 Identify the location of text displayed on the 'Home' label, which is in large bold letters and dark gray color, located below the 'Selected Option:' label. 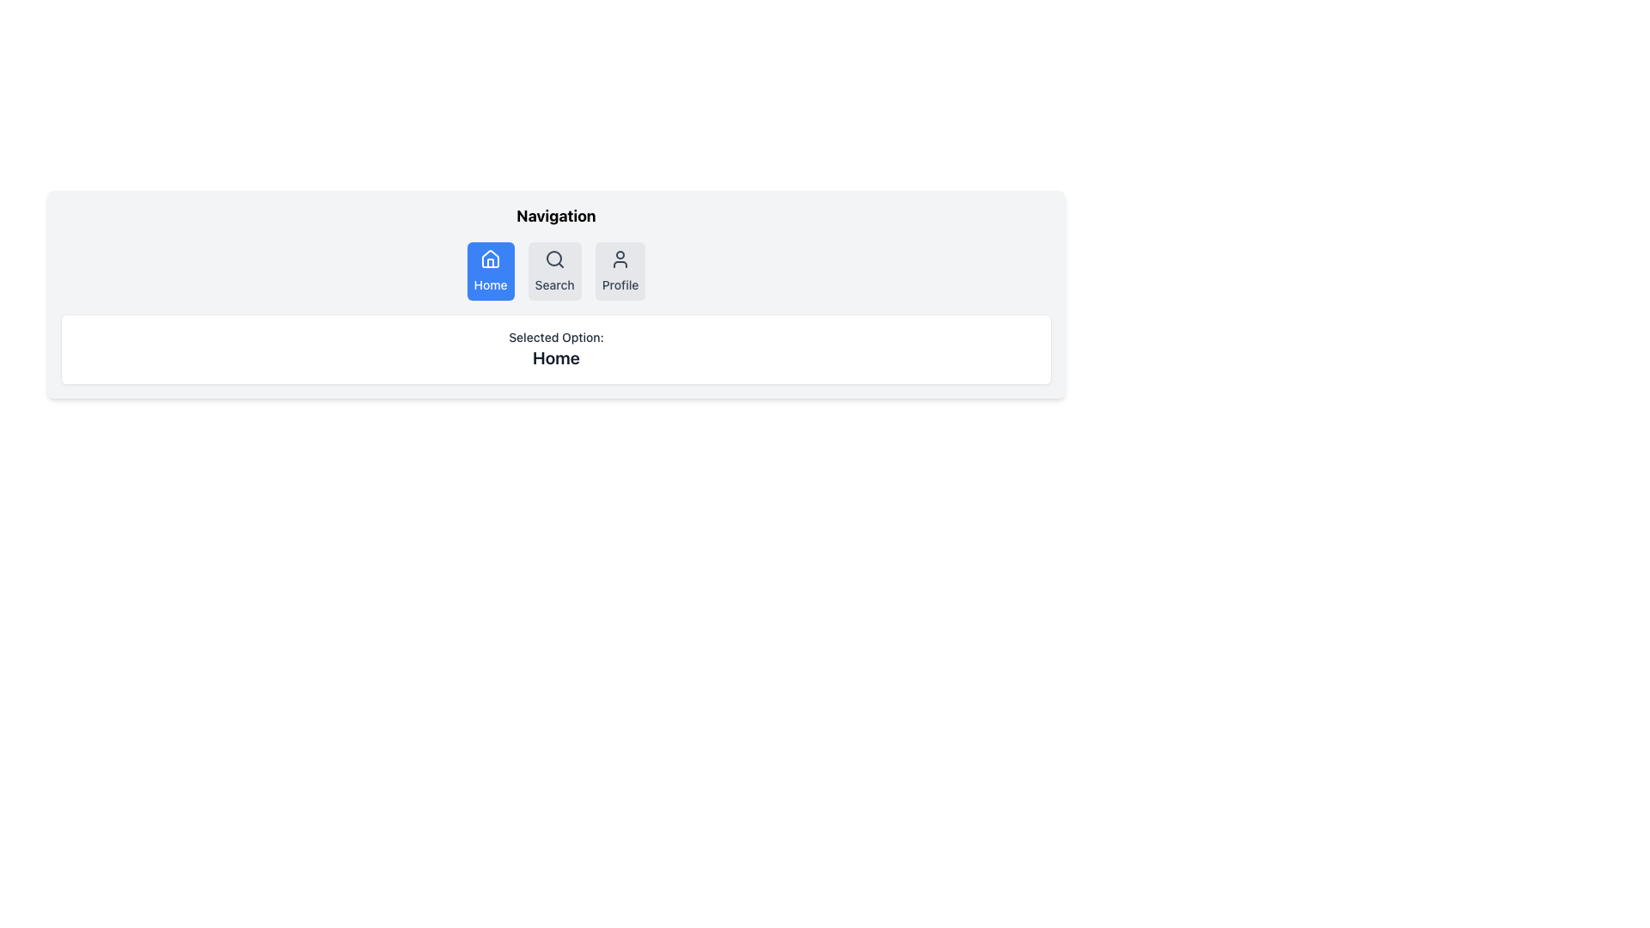
(556, 357).